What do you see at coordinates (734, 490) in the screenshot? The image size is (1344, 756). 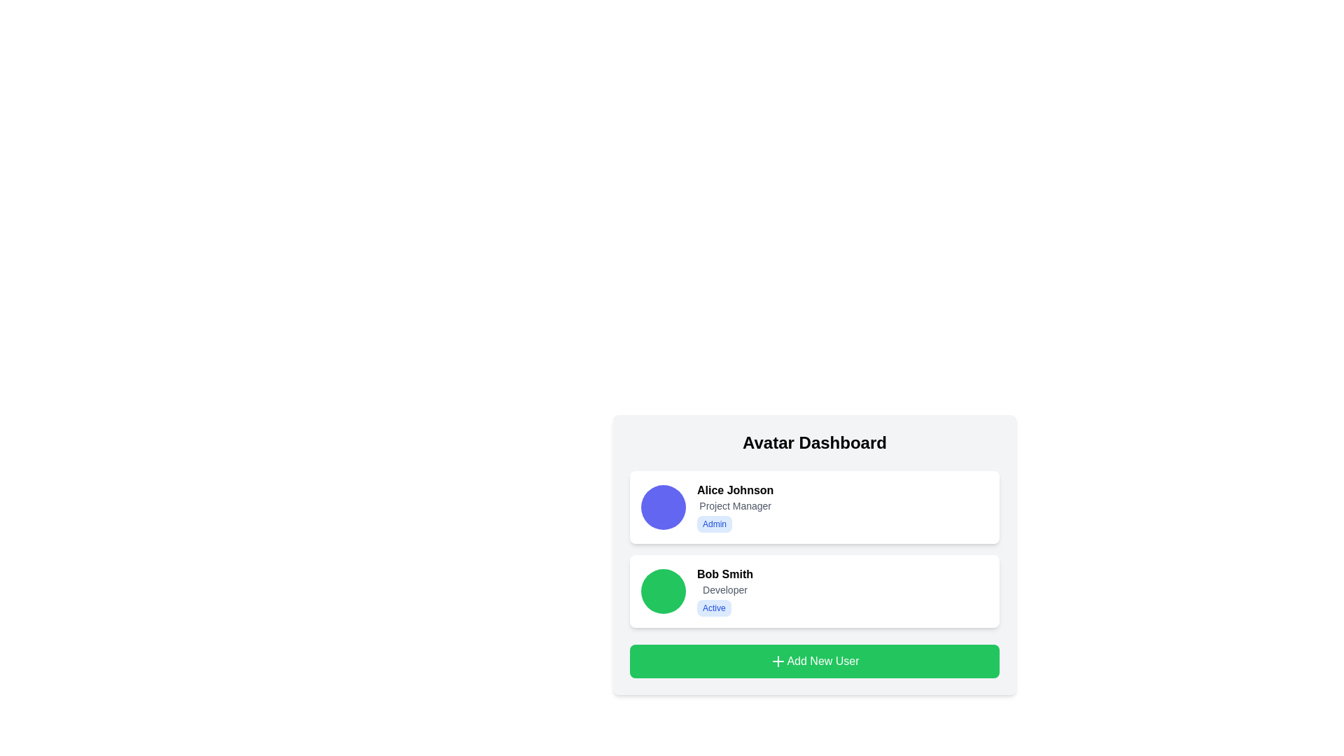 I see `the text label displaying 'Alice Johnson', which is in bold font and` at bounding box center [734, 490].